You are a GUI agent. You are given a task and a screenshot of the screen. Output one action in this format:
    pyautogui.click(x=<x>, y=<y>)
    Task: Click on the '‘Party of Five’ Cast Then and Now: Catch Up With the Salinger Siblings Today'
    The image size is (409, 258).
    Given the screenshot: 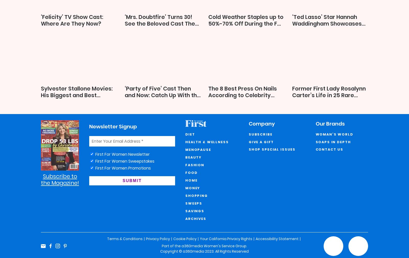 What is the action you would take?
    pyautogui.click(x=162, y=95)
    